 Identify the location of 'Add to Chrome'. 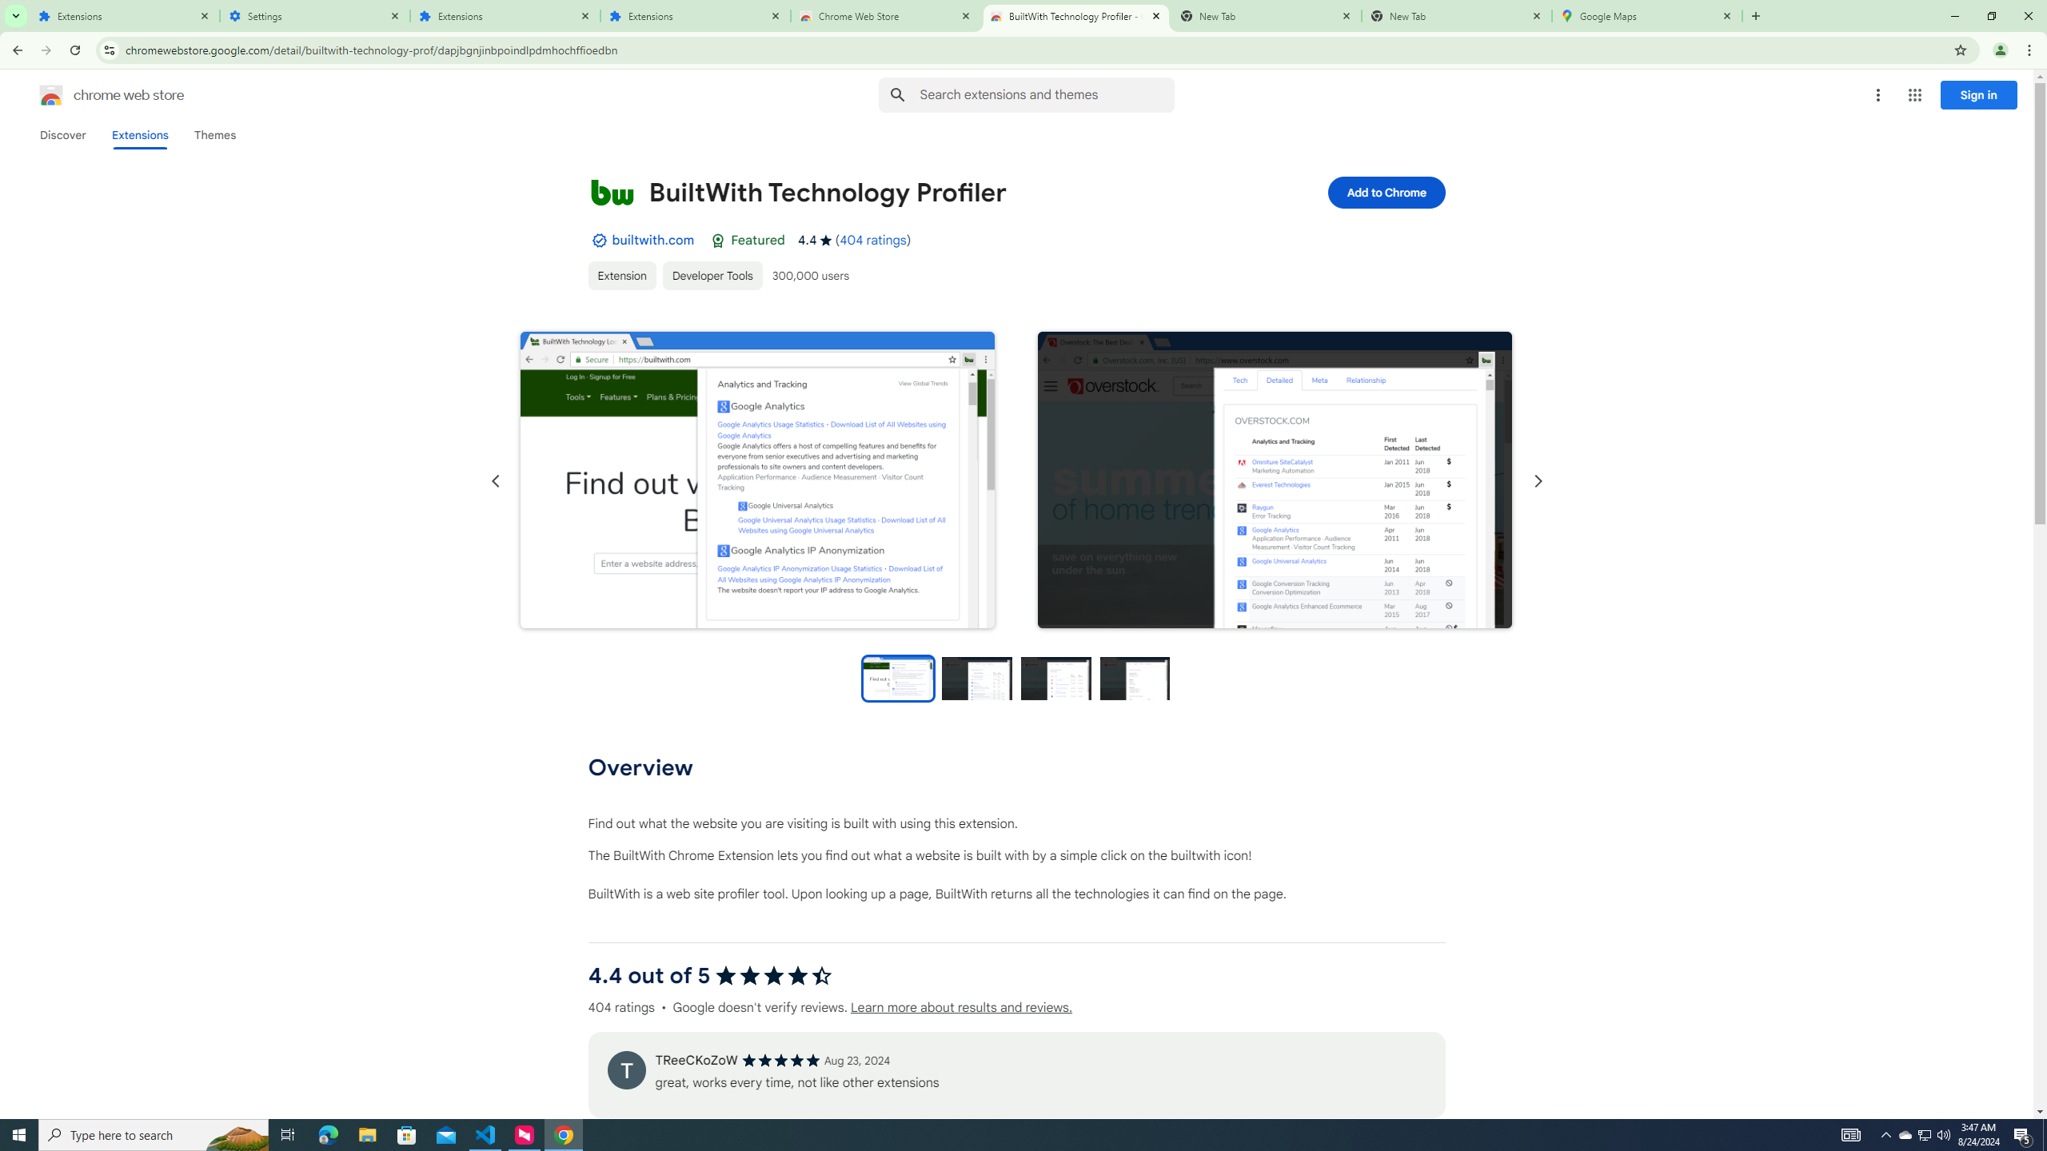
(1385, 192).